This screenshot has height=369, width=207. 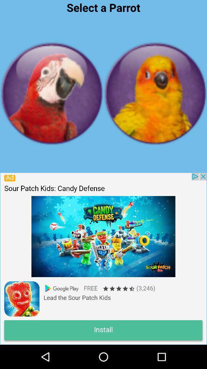 I want to click on birds page, so click(x=155, y=93).